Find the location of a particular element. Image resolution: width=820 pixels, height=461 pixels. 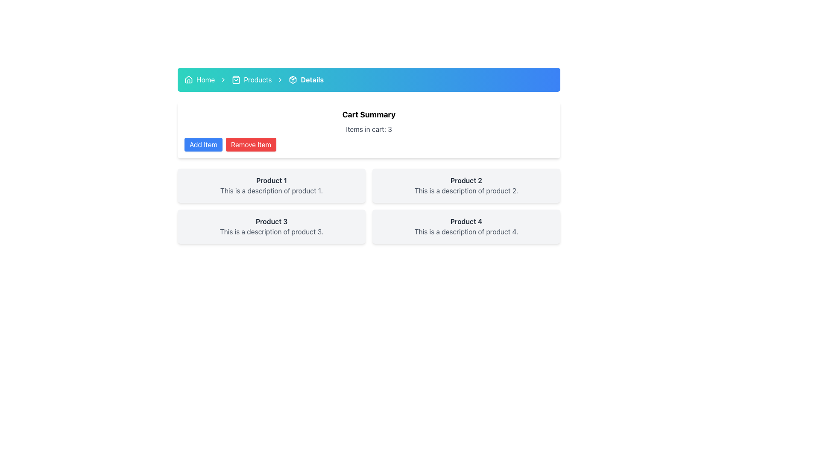

the text label displaying 'This is a description of product 2.' which is located beneath the title 'Product 2' in a light gray card is located at coordinates (466, 190).